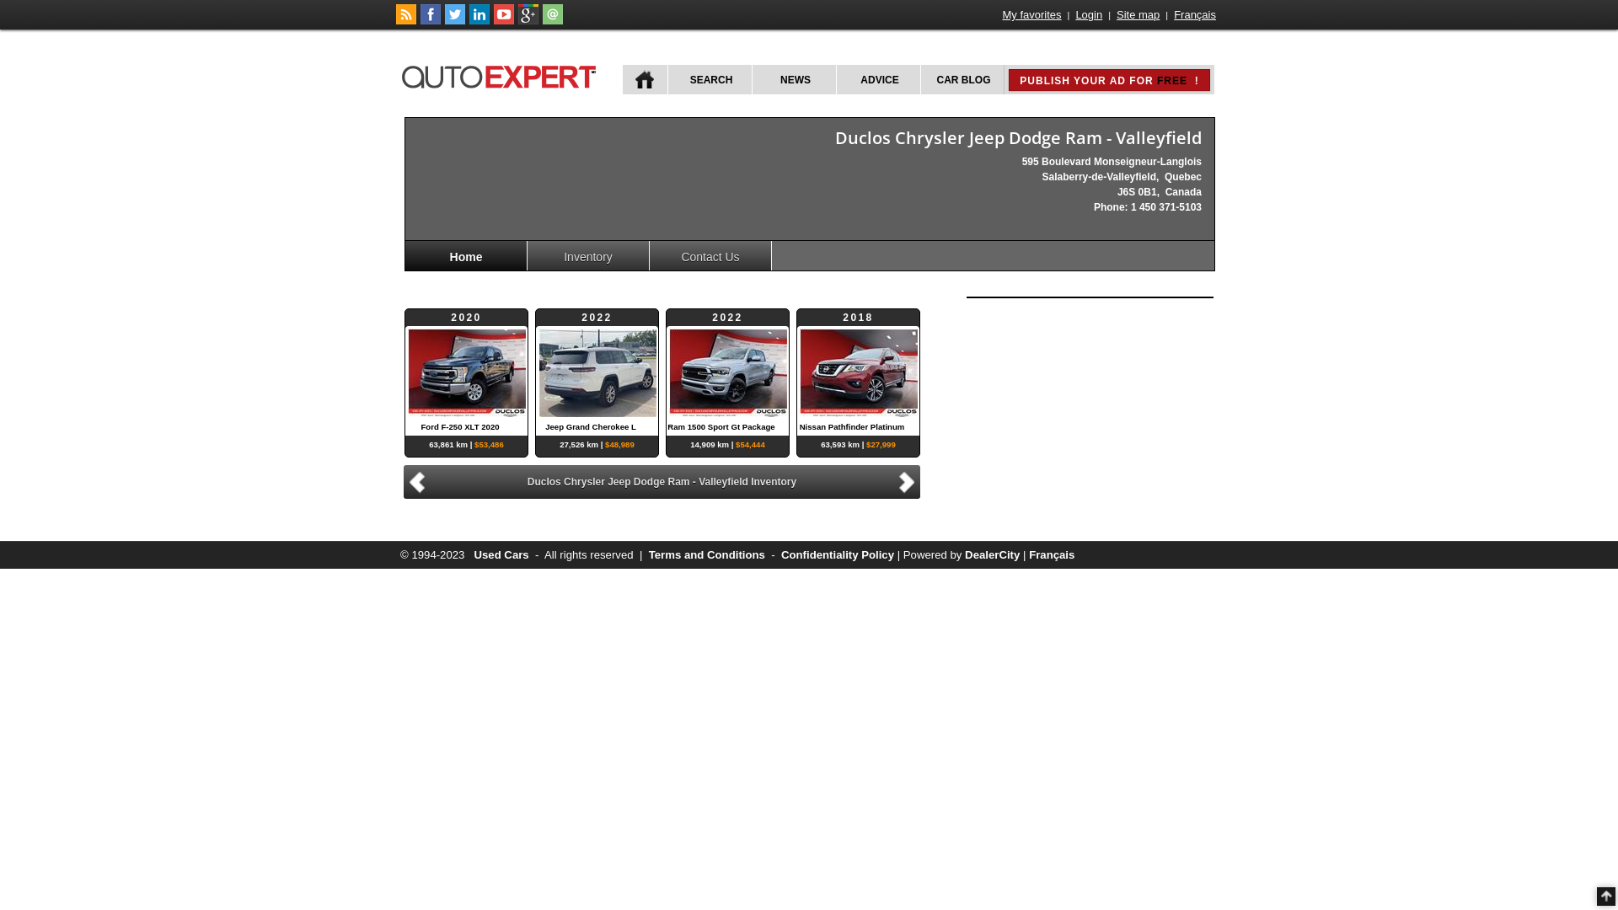 The image size is (1618, 910). I want to click on 'PUBLISH YOUR AD FOR FREE  !', so click(1018, 80).